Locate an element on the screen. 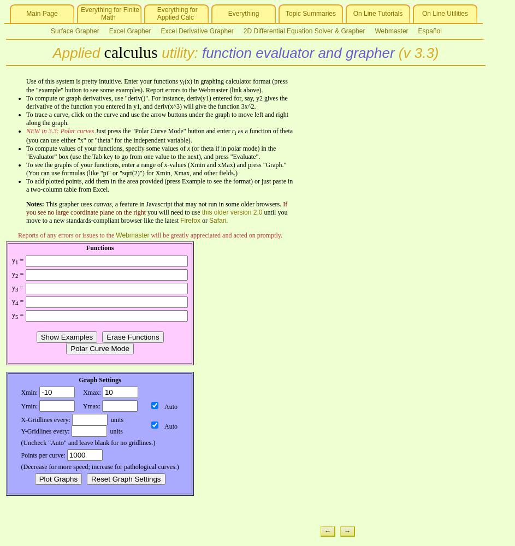  '(x) in graphing calculator format (press the "example" button to see some examples). Report errors to the Webmaster (link above).' is located at coordinates (156, 86).